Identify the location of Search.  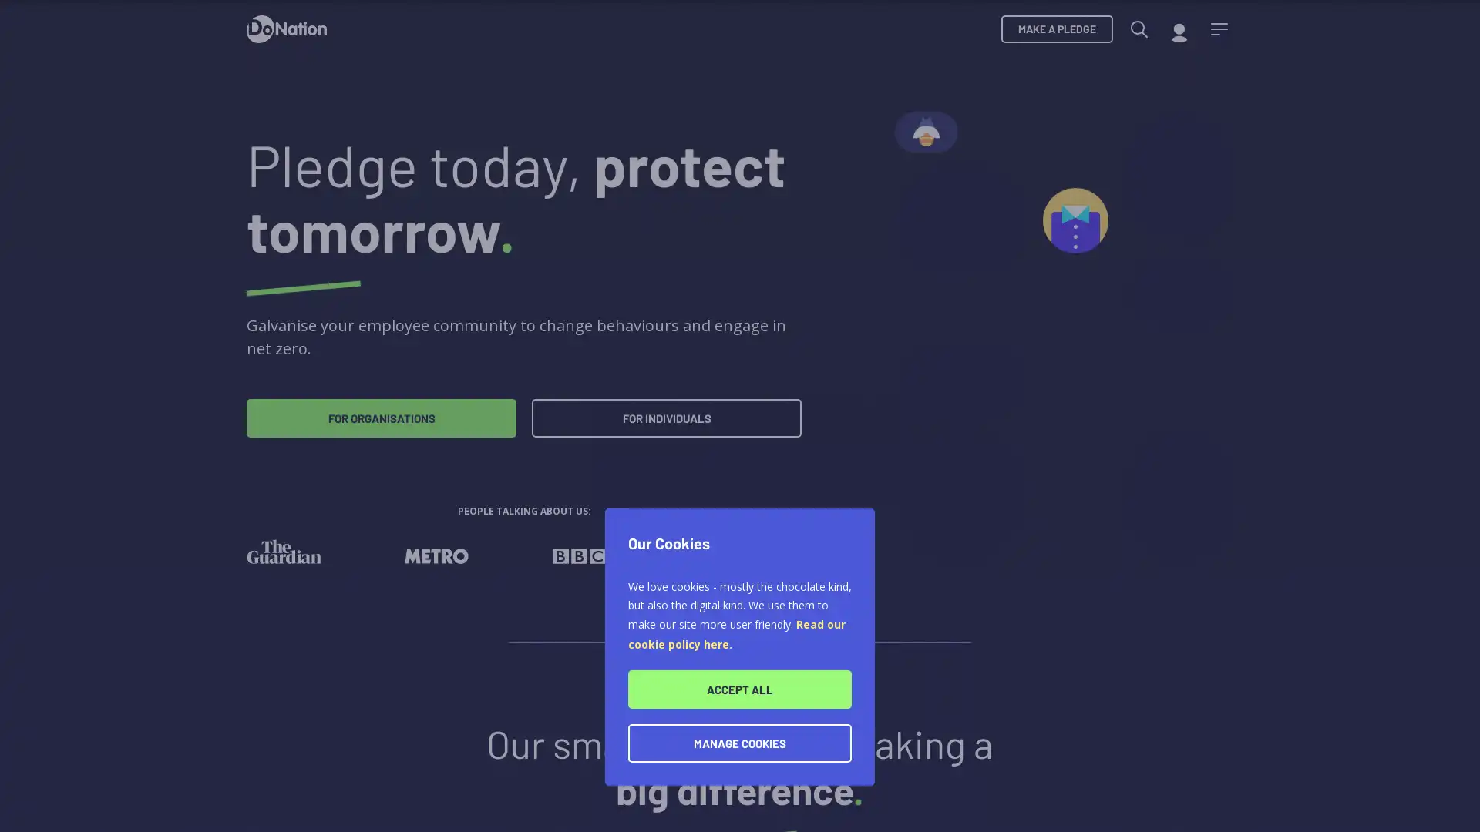
(1139, 29).